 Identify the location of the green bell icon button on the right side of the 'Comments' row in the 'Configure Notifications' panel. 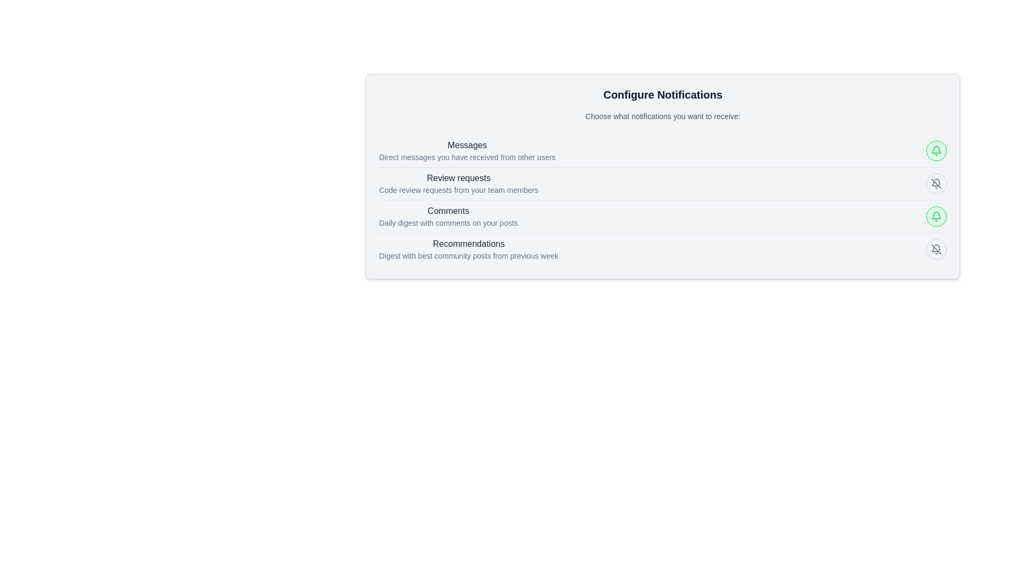
(935, 151).